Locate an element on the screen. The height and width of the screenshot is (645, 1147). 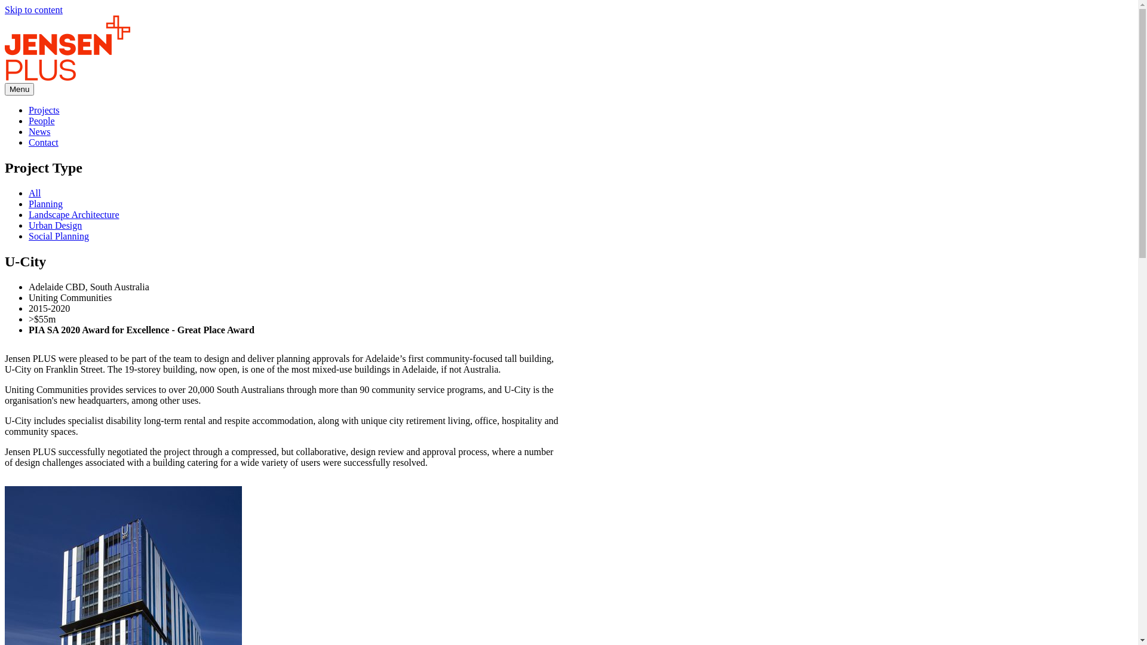
'Skip to content' is located at coordinates (33, 10).